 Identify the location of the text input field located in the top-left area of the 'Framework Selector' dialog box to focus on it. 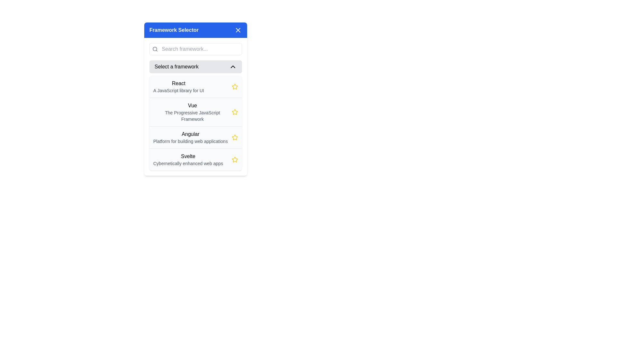
(201, 49).